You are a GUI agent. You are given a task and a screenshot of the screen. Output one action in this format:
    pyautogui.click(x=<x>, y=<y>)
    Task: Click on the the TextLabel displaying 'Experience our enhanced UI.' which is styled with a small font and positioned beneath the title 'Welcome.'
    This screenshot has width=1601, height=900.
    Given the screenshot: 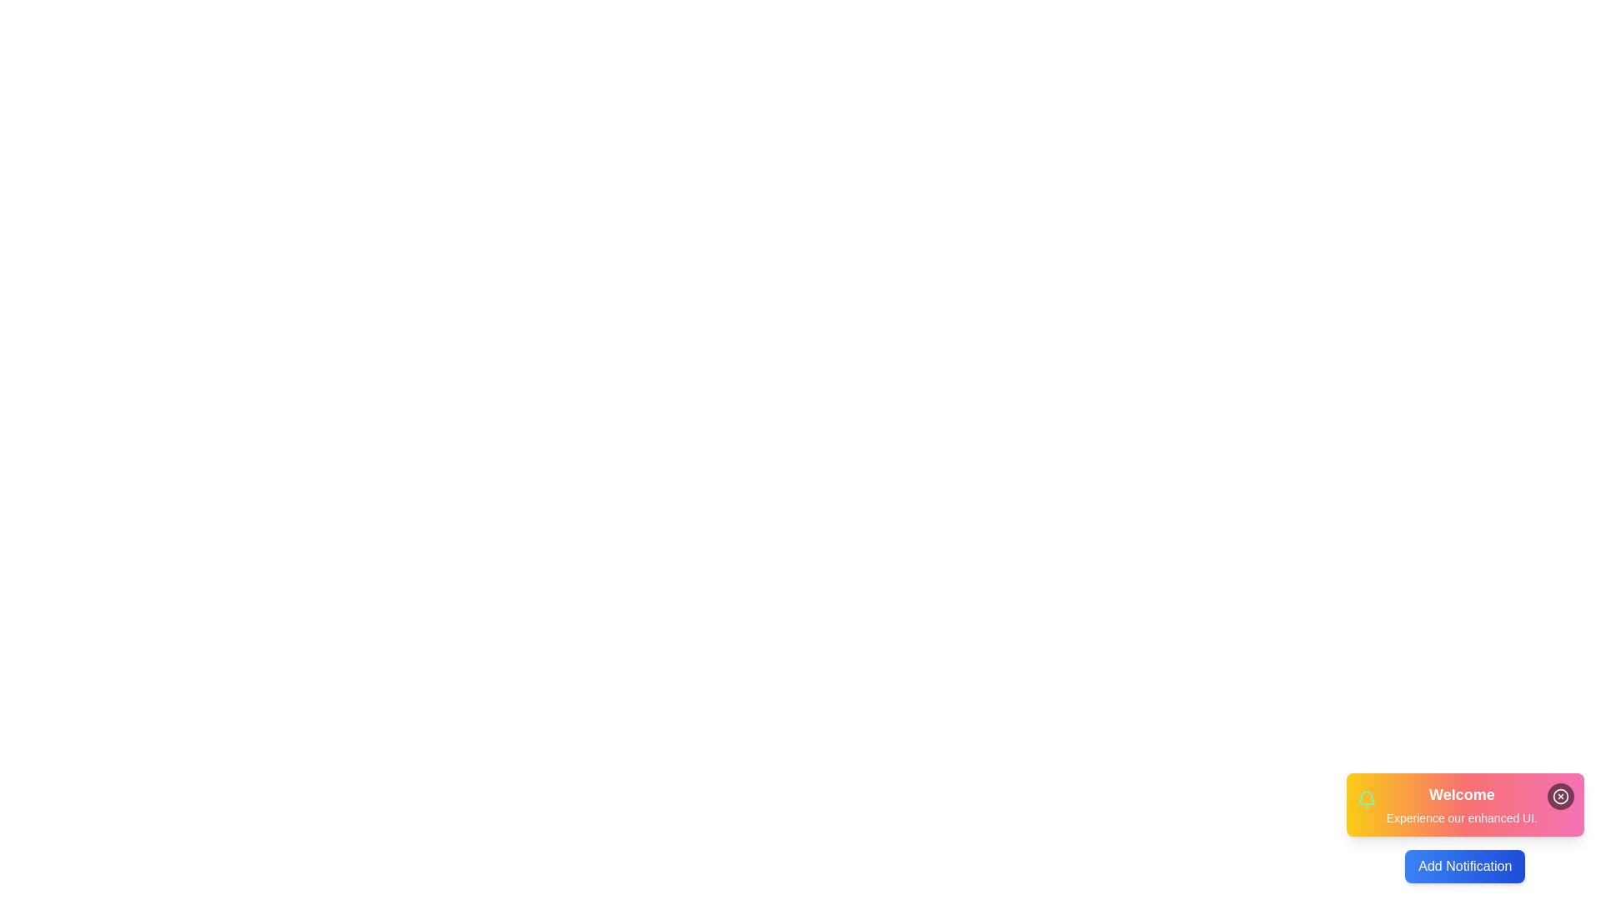 What is the action you would take?
    pyautogui.click(x=1461, y=817)
    